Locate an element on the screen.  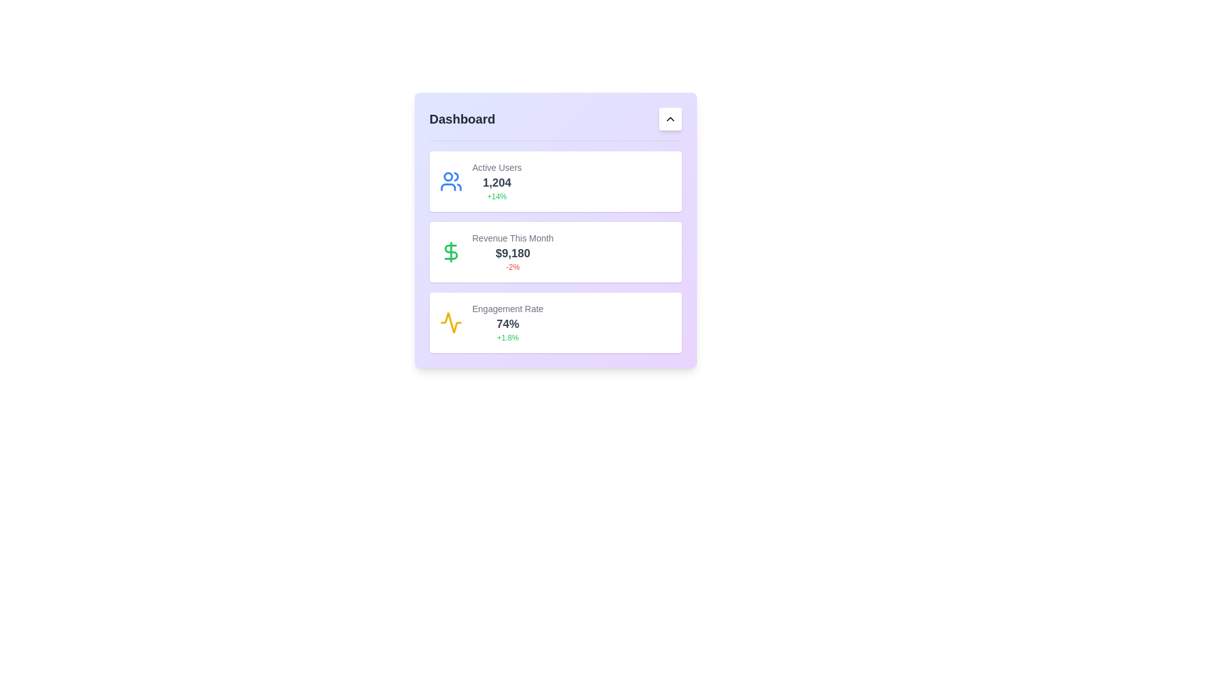
the upward-pointing chevron icon located in the top-right corner of the card, aligned with the title 'Dashboard' is located at coordinates (669, 119).